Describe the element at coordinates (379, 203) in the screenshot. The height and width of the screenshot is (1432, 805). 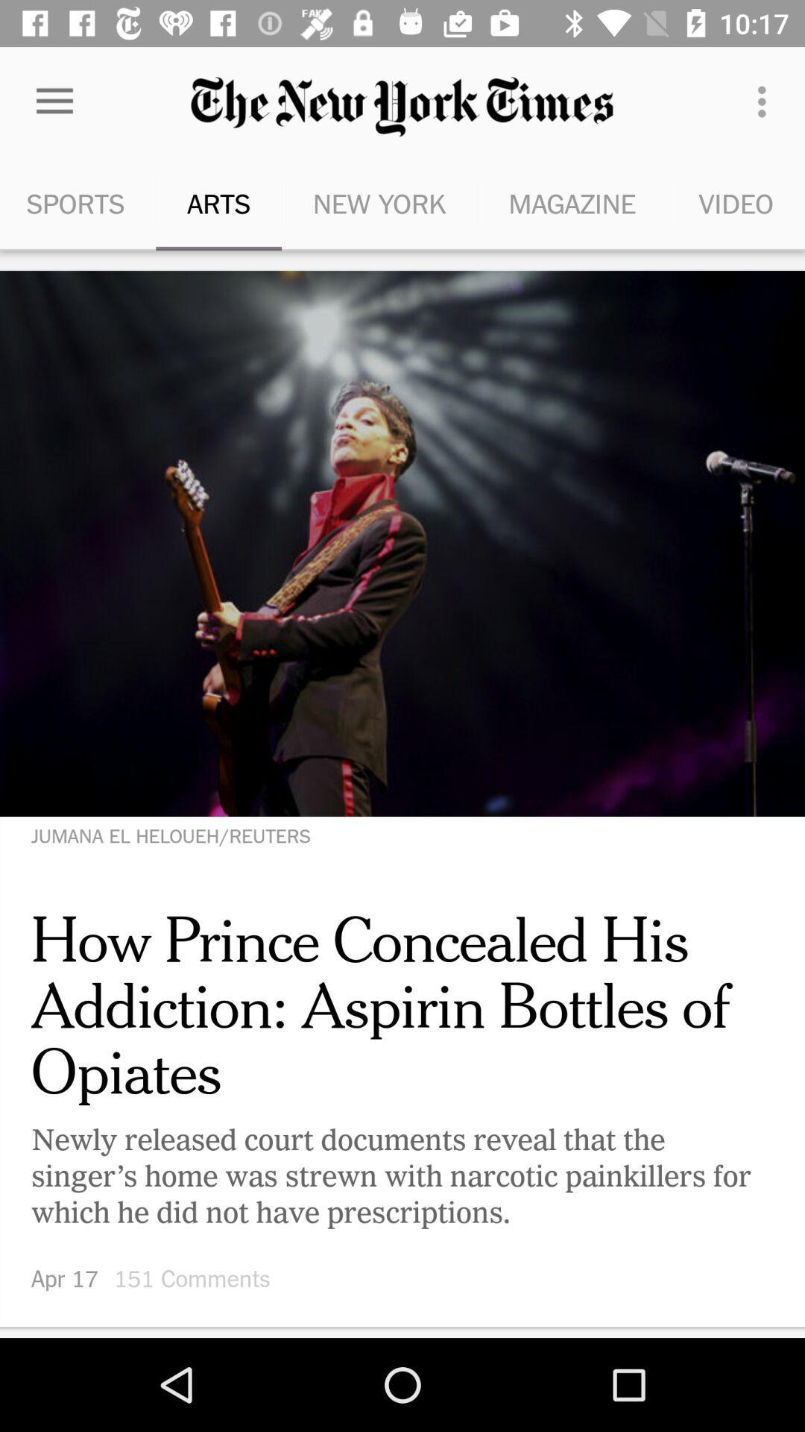
I see `the icon to the right of the arts item` at that location.